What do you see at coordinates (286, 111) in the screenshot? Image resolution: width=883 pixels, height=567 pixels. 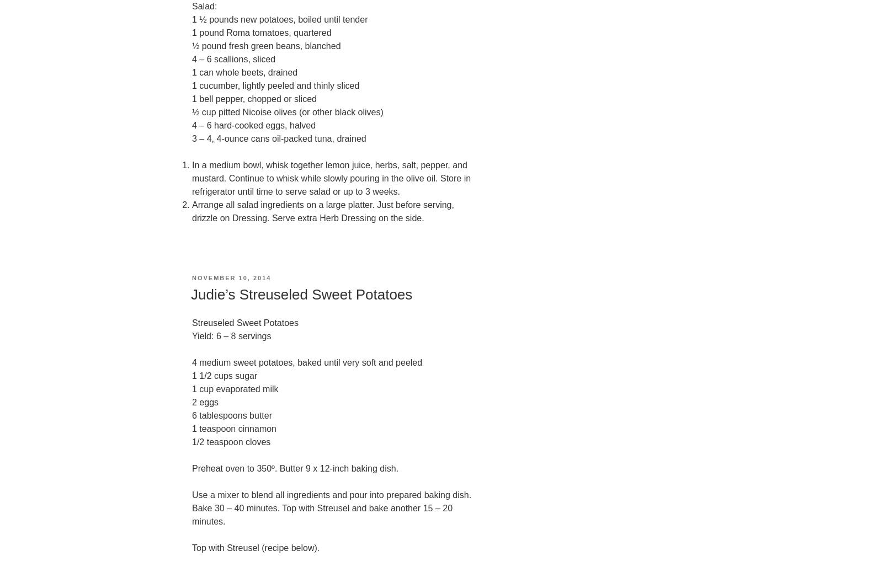 I see `'½ cup pitted Nicoise olives (or other black olives)'` at bounding box center [286, 111].